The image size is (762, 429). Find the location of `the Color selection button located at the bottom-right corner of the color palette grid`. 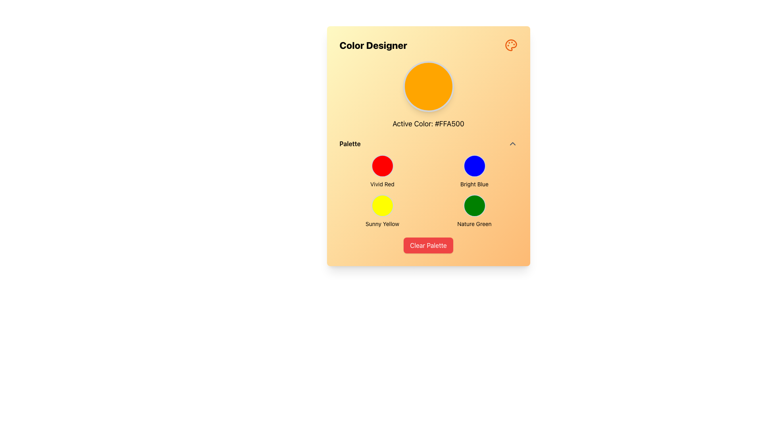

the Color selection button located at the bottom-right corner of the color palette grid is located at coordinates (474, 211).